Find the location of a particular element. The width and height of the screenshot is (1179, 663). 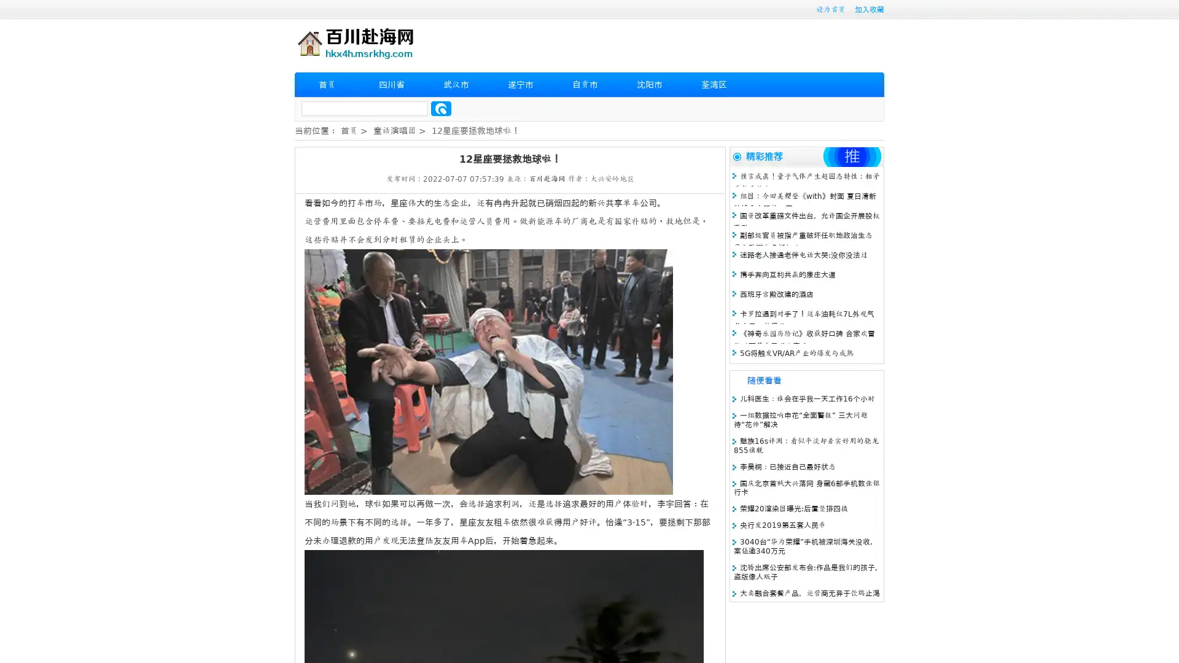

Search is located at coordinates (441, 108).